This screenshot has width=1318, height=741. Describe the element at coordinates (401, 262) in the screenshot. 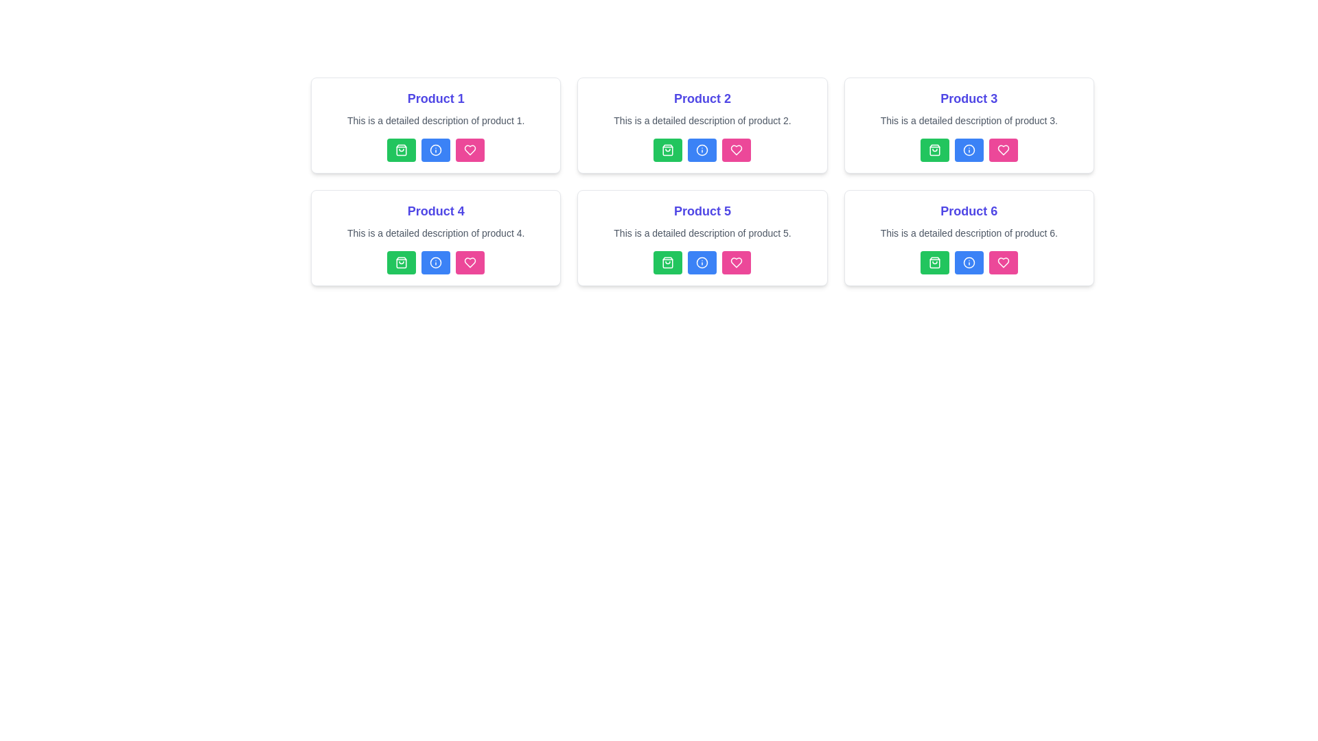

I see `the green shopping bag icon located in the middle row under 'Product 4'` at that location.